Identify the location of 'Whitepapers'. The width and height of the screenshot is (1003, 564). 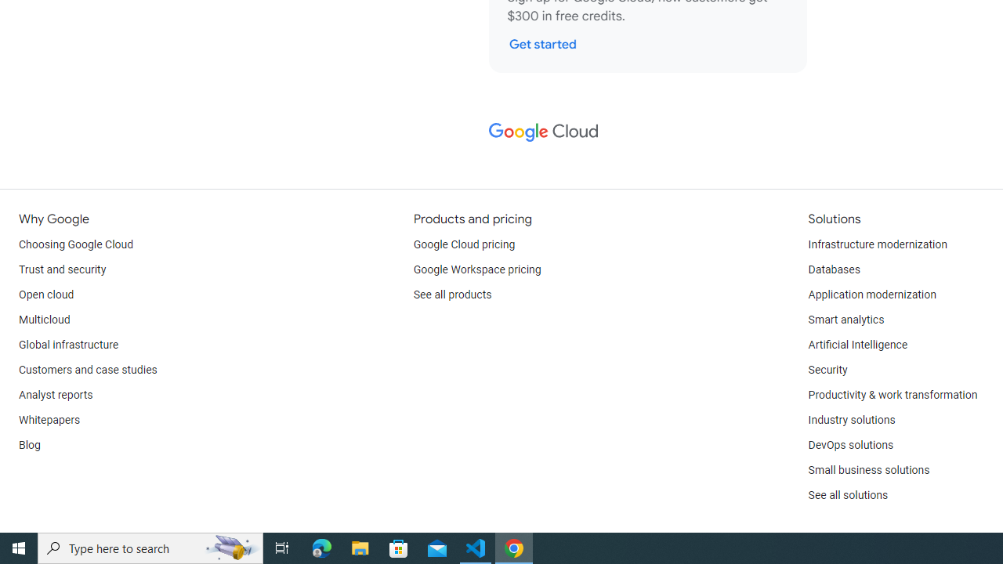
(49, 420).